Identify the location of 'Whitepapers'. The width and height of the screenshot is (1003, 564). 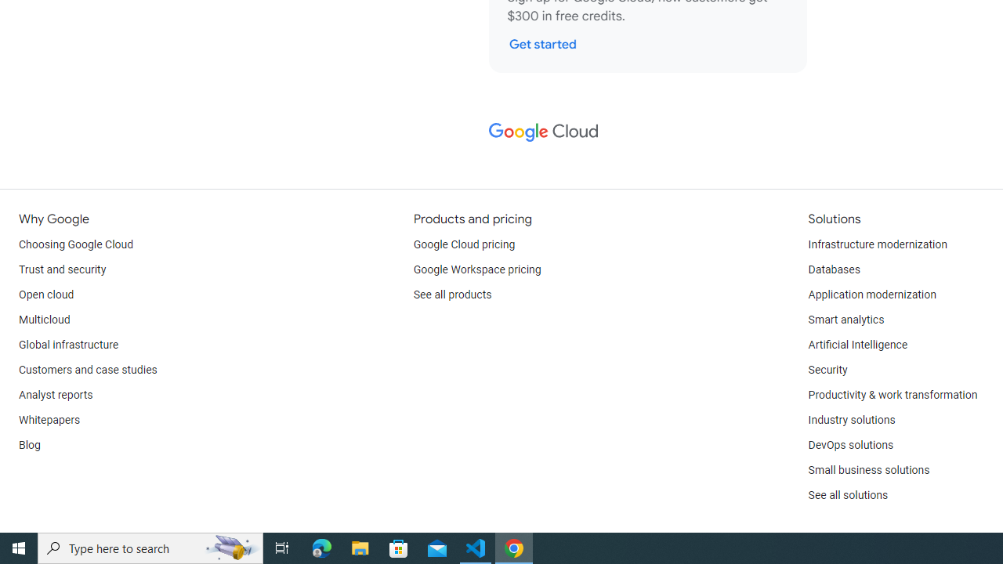
(49, 420).